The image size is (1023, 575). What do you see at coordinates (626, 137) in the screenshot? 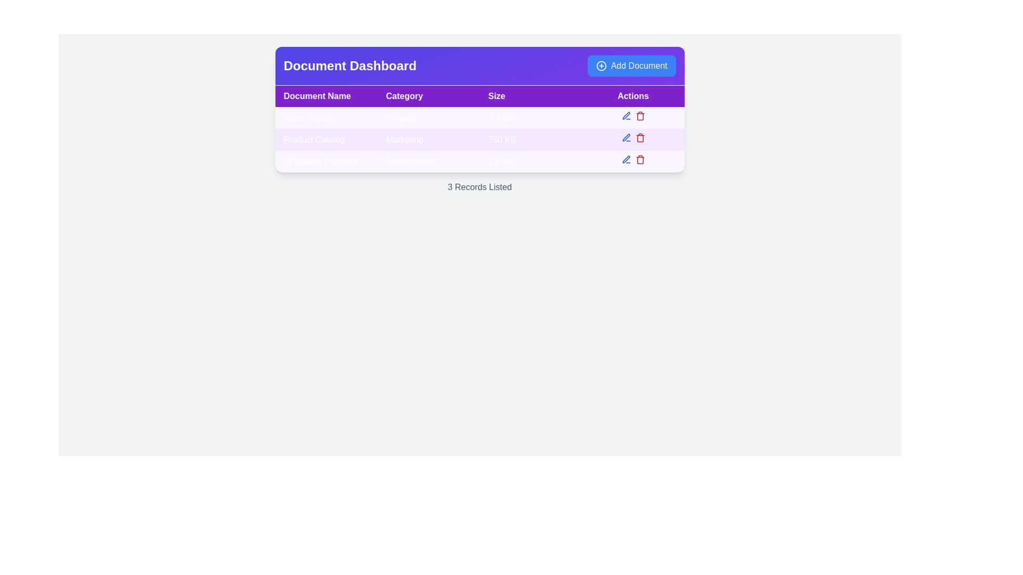
I see `the pen icon in the 'Actions' column of the second row to initiate the edit function for the 'Product Catalog' entry` at bounding box center [626, 137].